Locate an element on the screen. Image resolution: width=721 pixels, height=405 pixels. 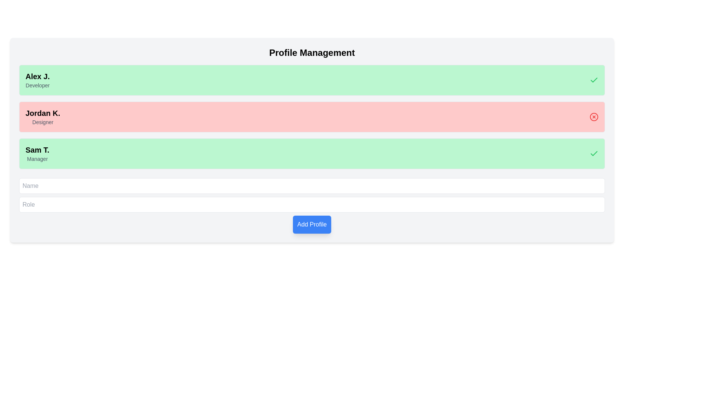
the checkmark icon located in the upper-right corner of the green-highlighted profile card labeled 'Alex J. Developer' to understand its status is located at coordinates (594, 80).